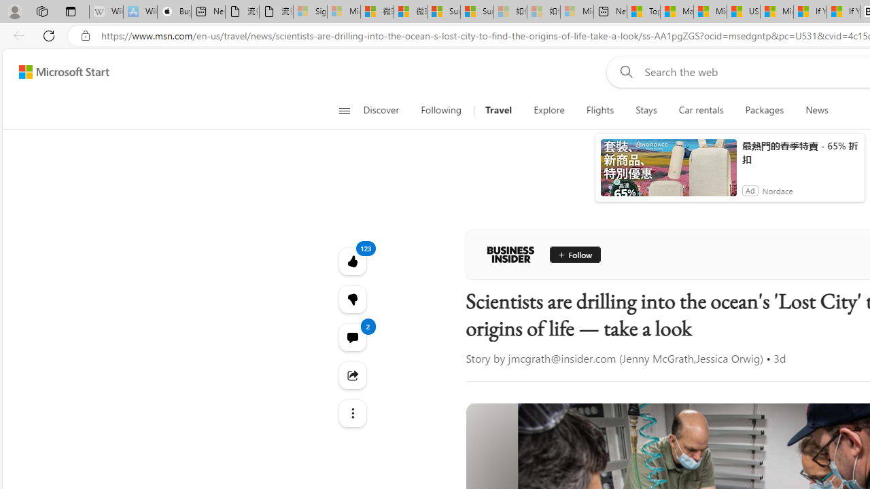  What do you see at coordinates (701, 110) in the screenshot?
I see `'Car rentals'` at bounding box center [701, 110].